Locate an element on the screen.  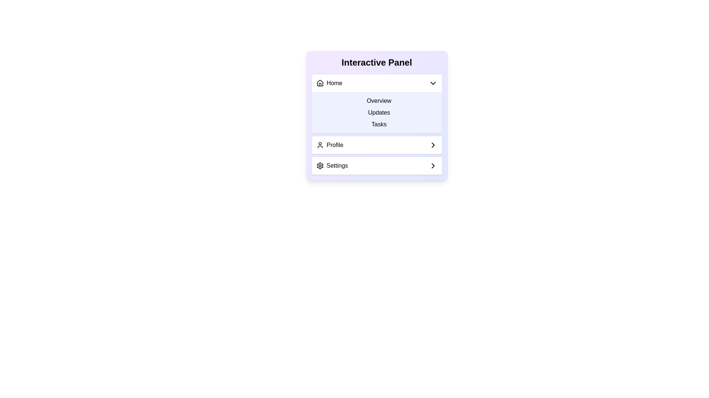
the Chevron icon (SVG) located in the Settings section of the interactive panel, which indicates additional content to the right of the Settings label is located at coordinates (433, 166).